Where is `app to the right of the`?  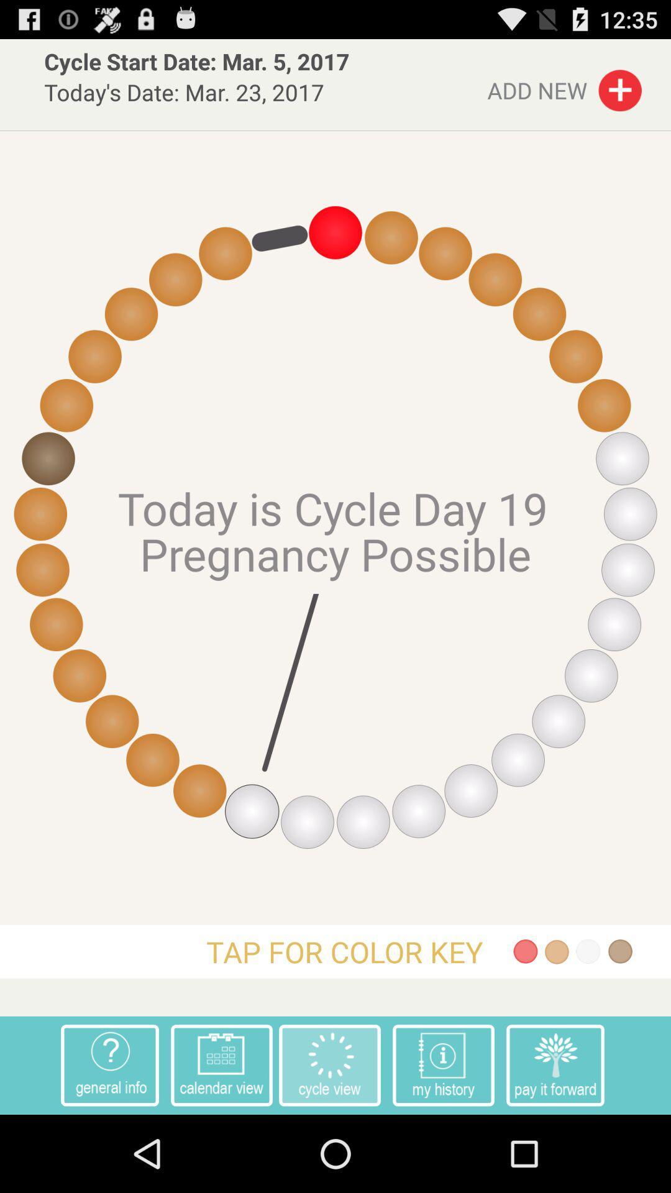
app to the right of the is located at coordinates (555, 1064).